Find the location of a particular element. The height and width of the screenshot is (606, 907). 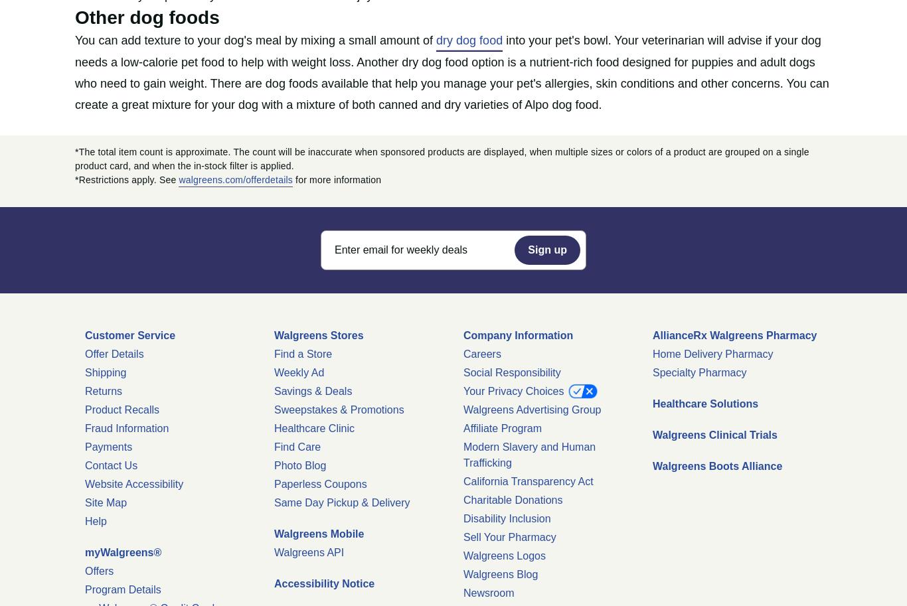

'Healthcare Clinic' is located at coordinates (314, 427).